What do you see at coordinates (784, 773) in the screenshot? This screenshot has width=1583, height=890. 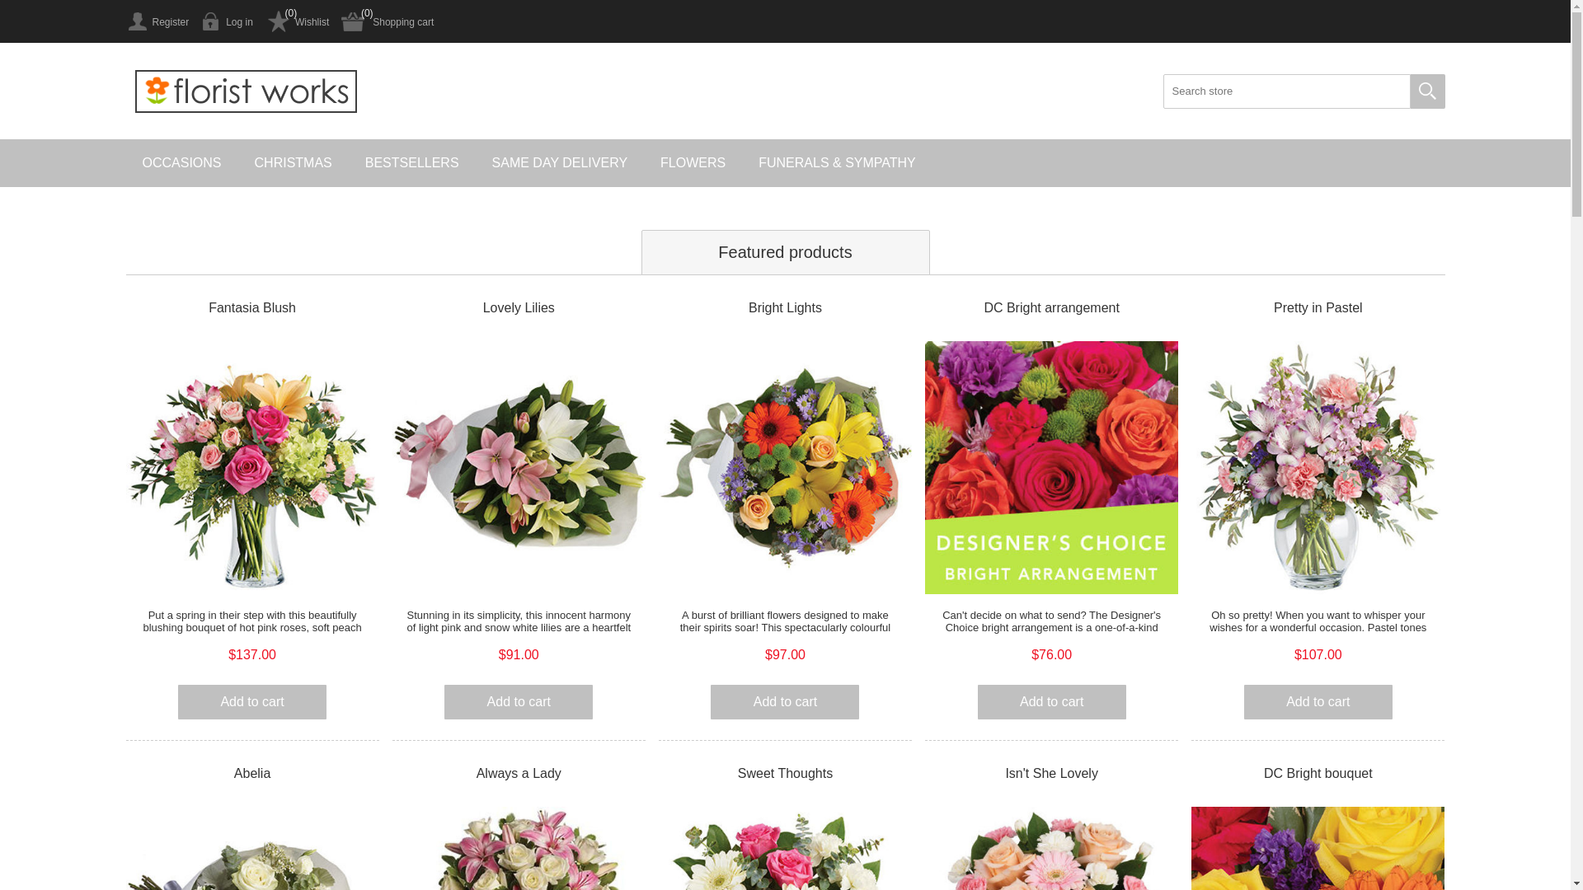 I see `'Sweet Thoughts'` at bounding box center [784, 773].